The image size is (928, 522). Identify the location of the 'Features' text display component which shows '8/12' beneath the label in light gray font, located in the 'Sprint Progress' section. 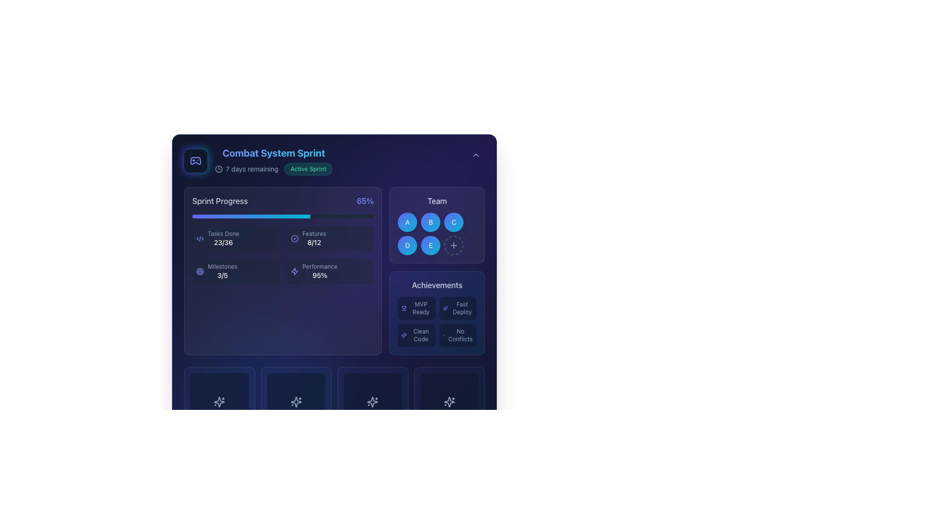
(314, 238).